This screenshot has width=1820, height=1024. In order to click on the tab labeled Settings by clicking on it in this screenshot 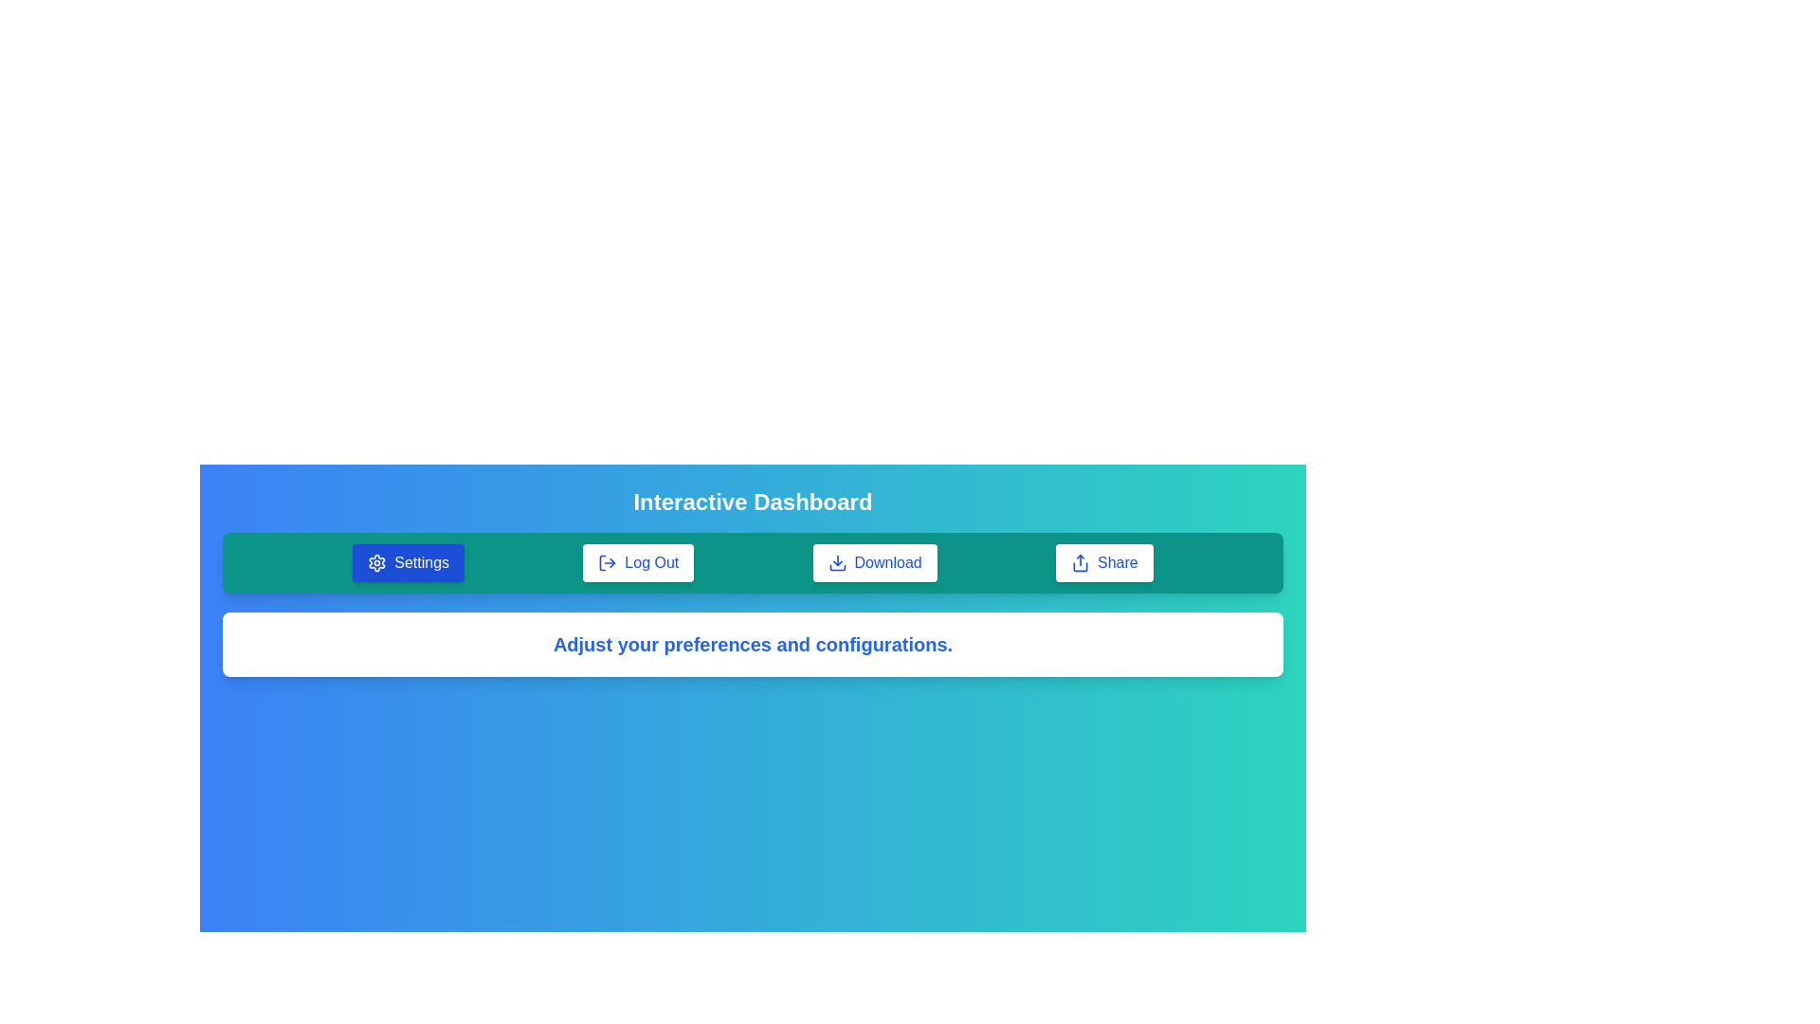, I will do `click(408, 562)`.